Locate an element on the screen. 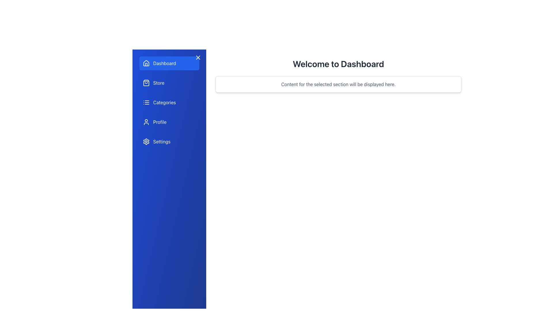  the fourth text label in the navigation menu, which serves as a label for the settings button is located at coordinates (161, 142).